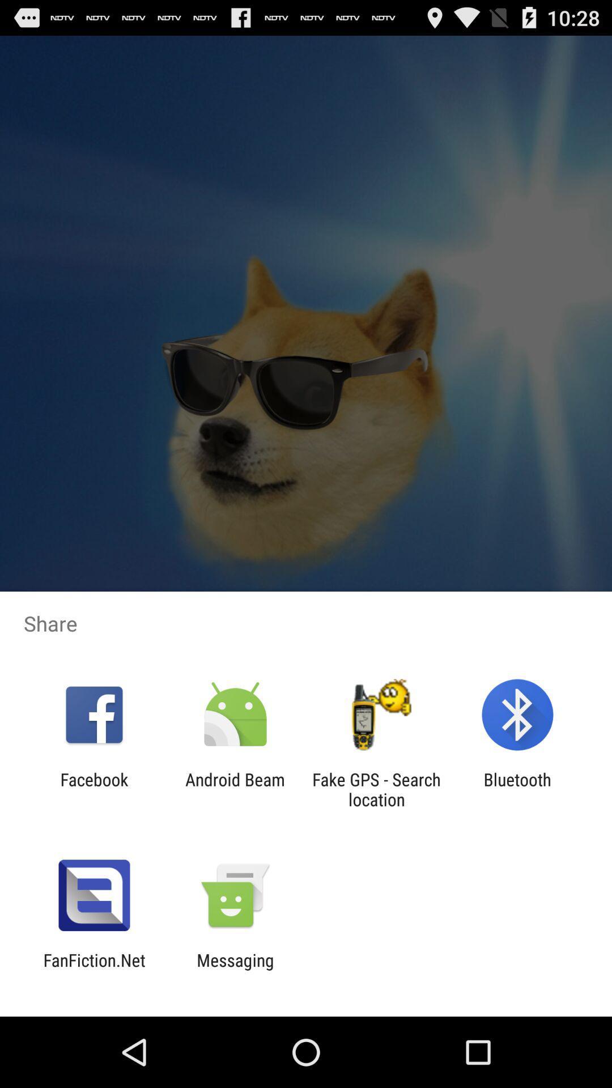 The height and width of the screenshot is (1088, 612). Describe the element at coordinates (517, 789) in the screenshot. I see `the app next to fake gps search app` at that location.